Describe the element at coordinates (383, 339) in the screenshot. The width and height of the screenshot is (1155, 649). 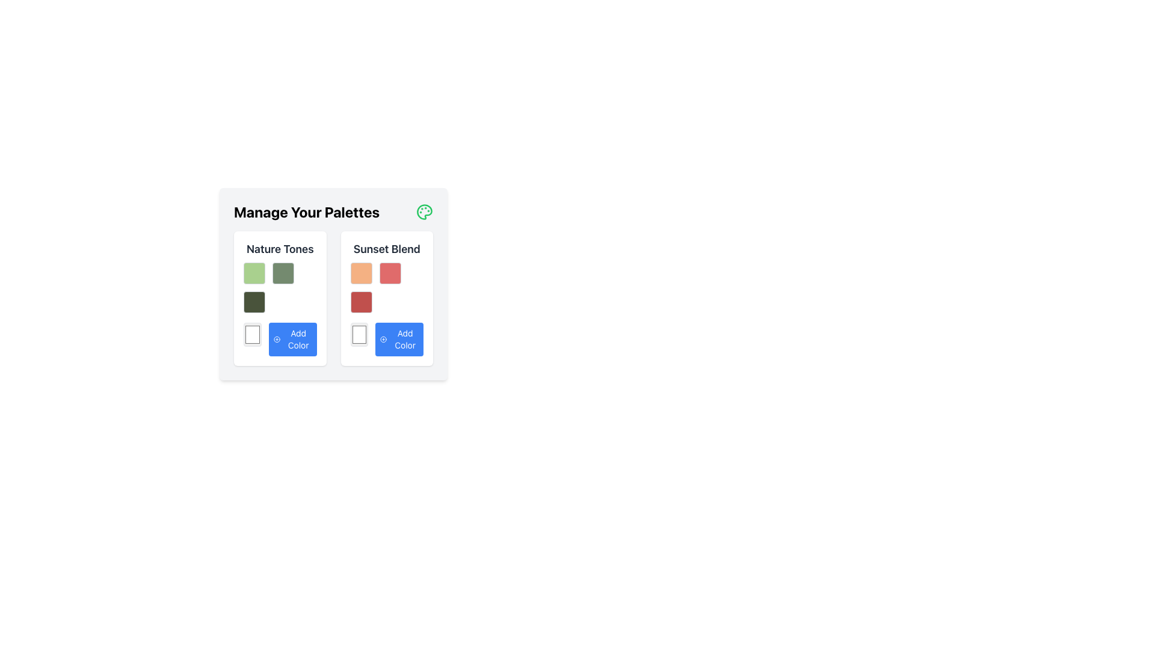
I see `the 'Add Color' icon located to the left of the text within the button in the 'Sunset Blend' palette section` at that location.